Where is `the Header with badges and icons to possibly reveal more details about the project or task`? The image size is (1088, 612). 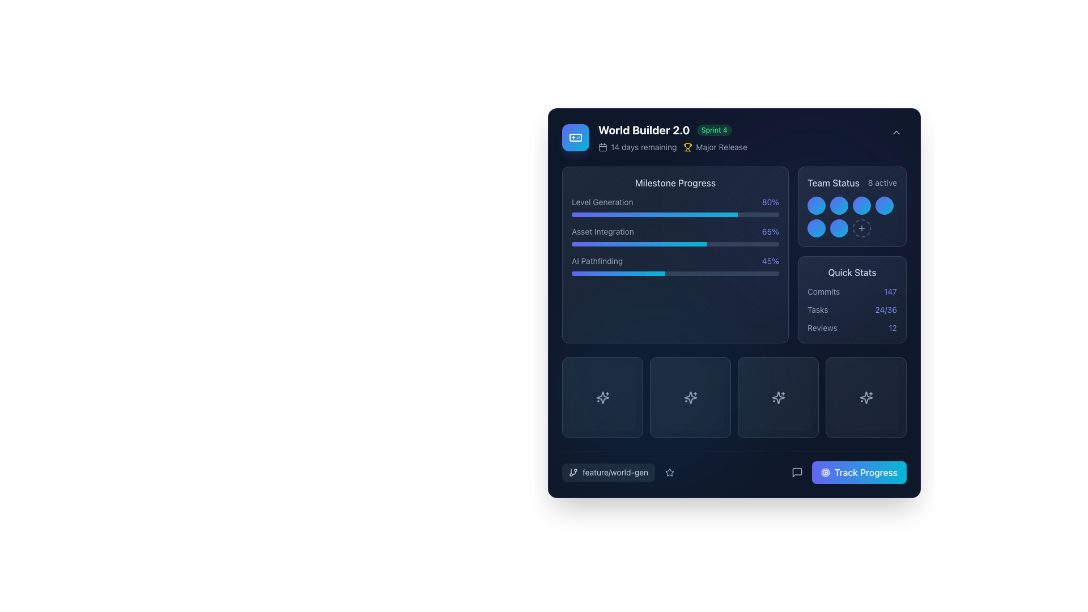
the Header with badges and icons to possibly reveal more details about the project or task is located at coordinates (654, 137).